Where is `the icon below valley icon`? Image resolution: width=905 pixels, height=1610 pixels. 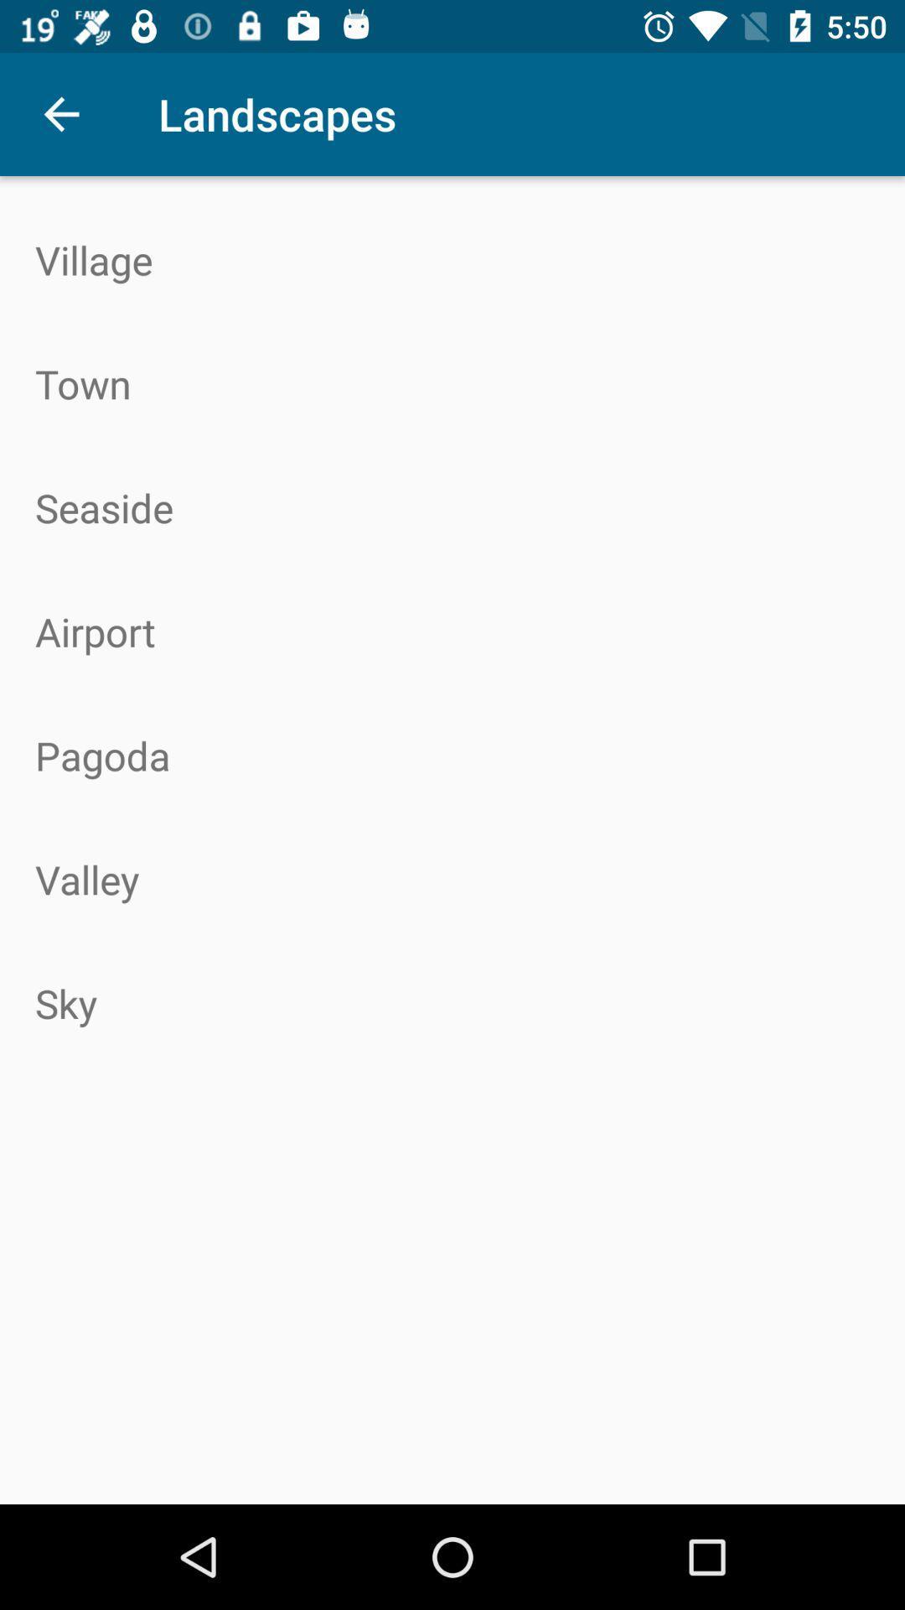
the icon below valley icon is located at coordinates (452, 1003).